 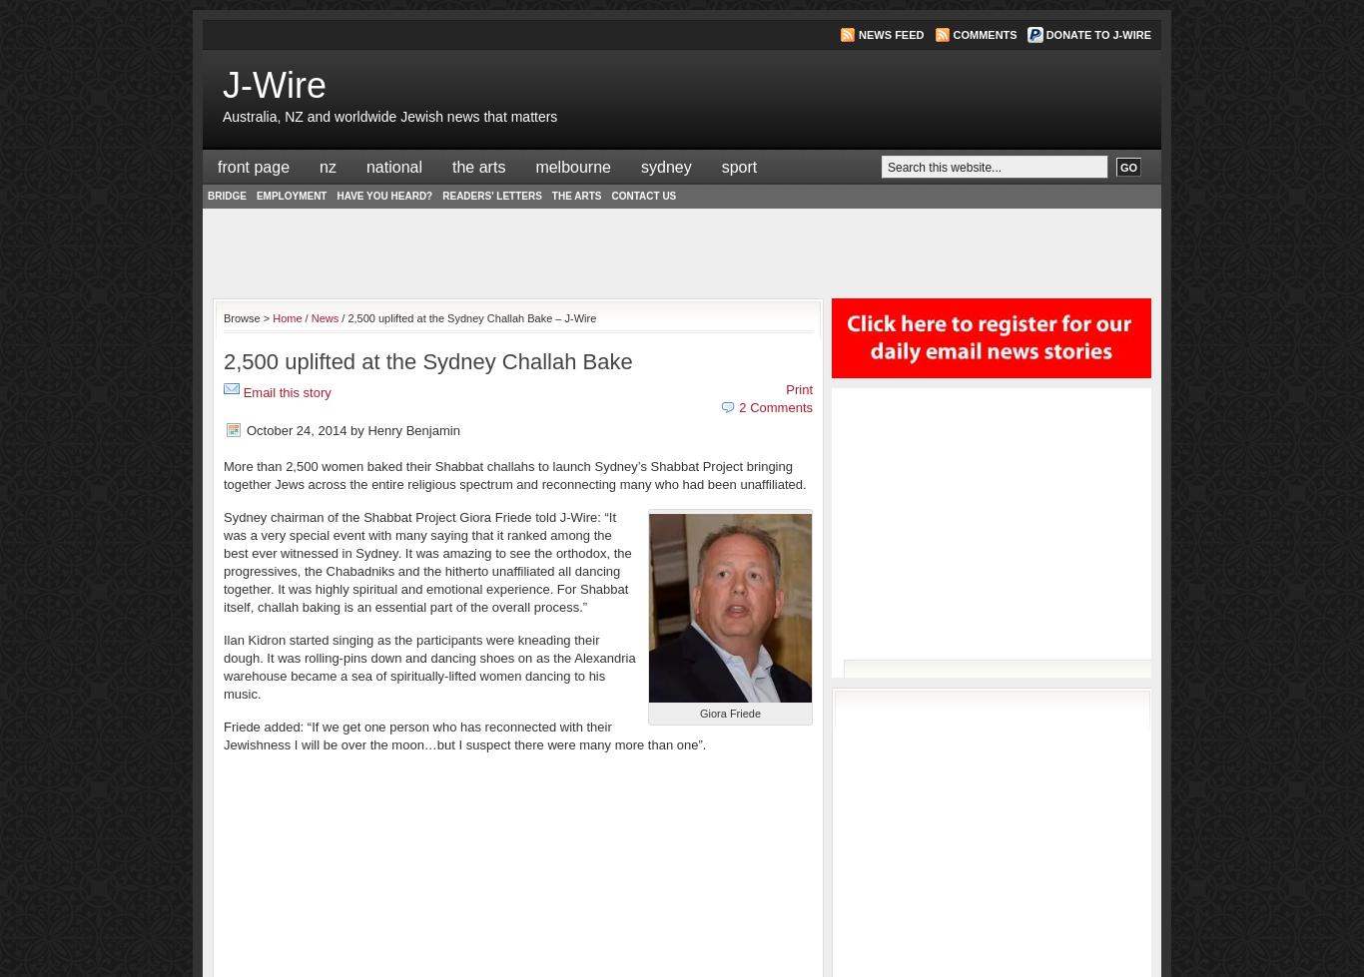 What do you see at coordinates (464, 734) in the screenshot?
I see `'Friede added: “If we get one person who has reconnected with their Jewishness I will be over the moon…but I suspect there were many more than one”.'` at bounding box center [464, 734].